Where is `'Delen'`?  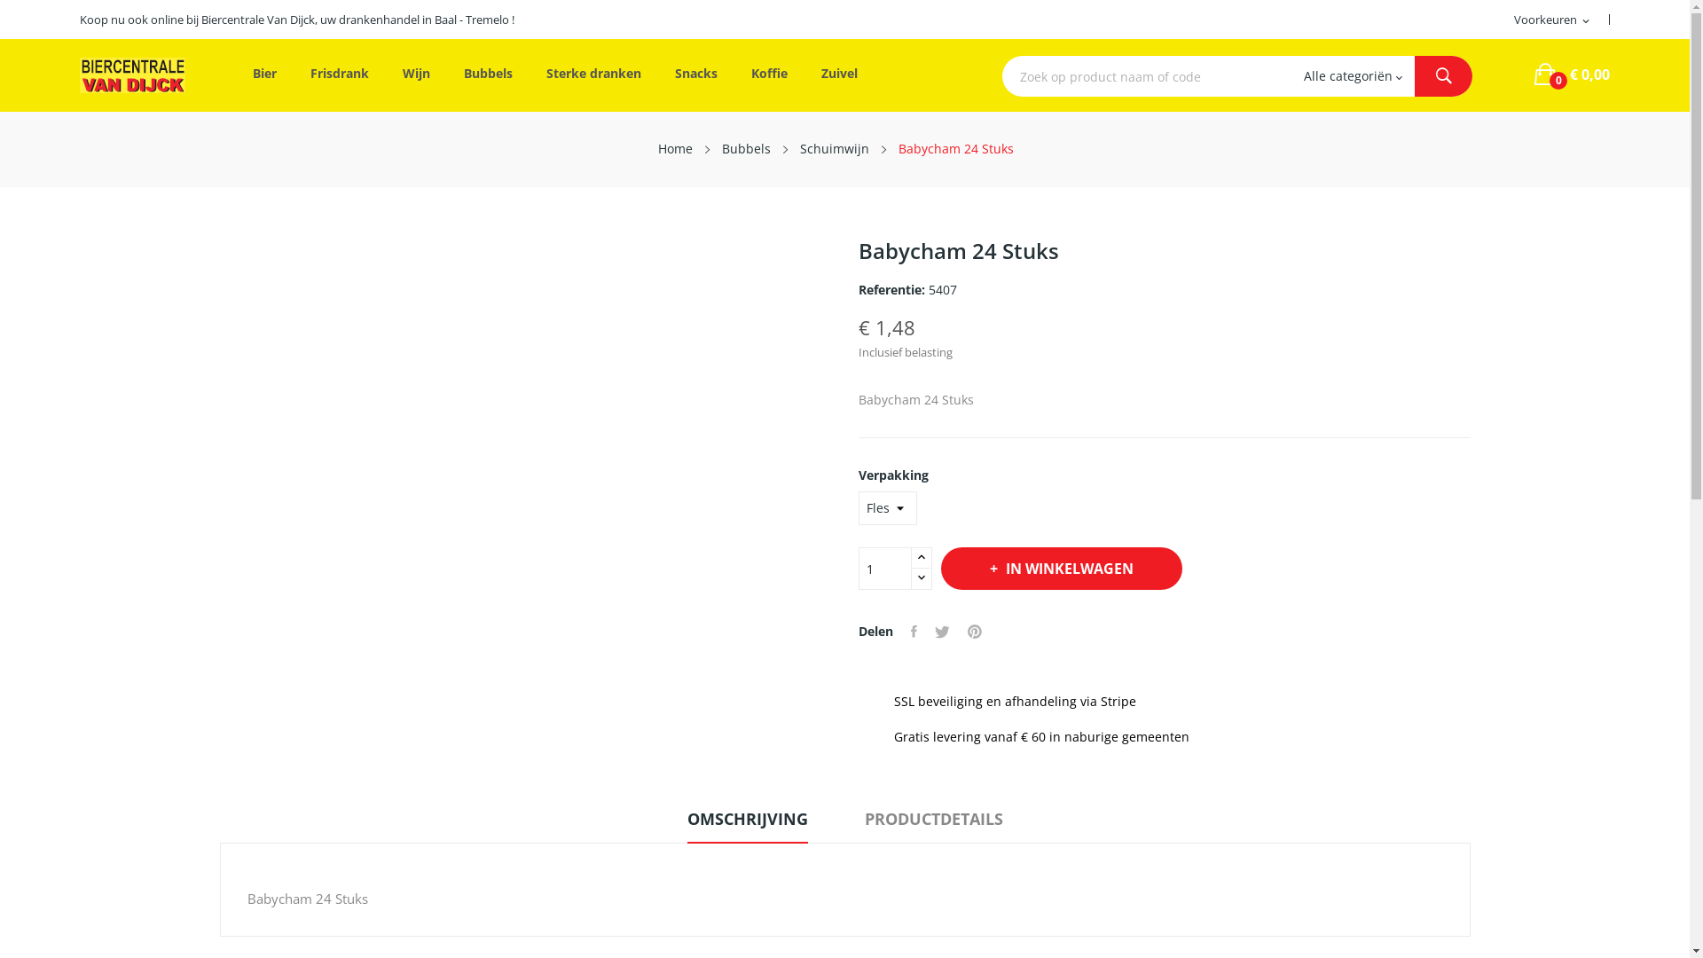
'Delen' is located at coordinates (913, 631).